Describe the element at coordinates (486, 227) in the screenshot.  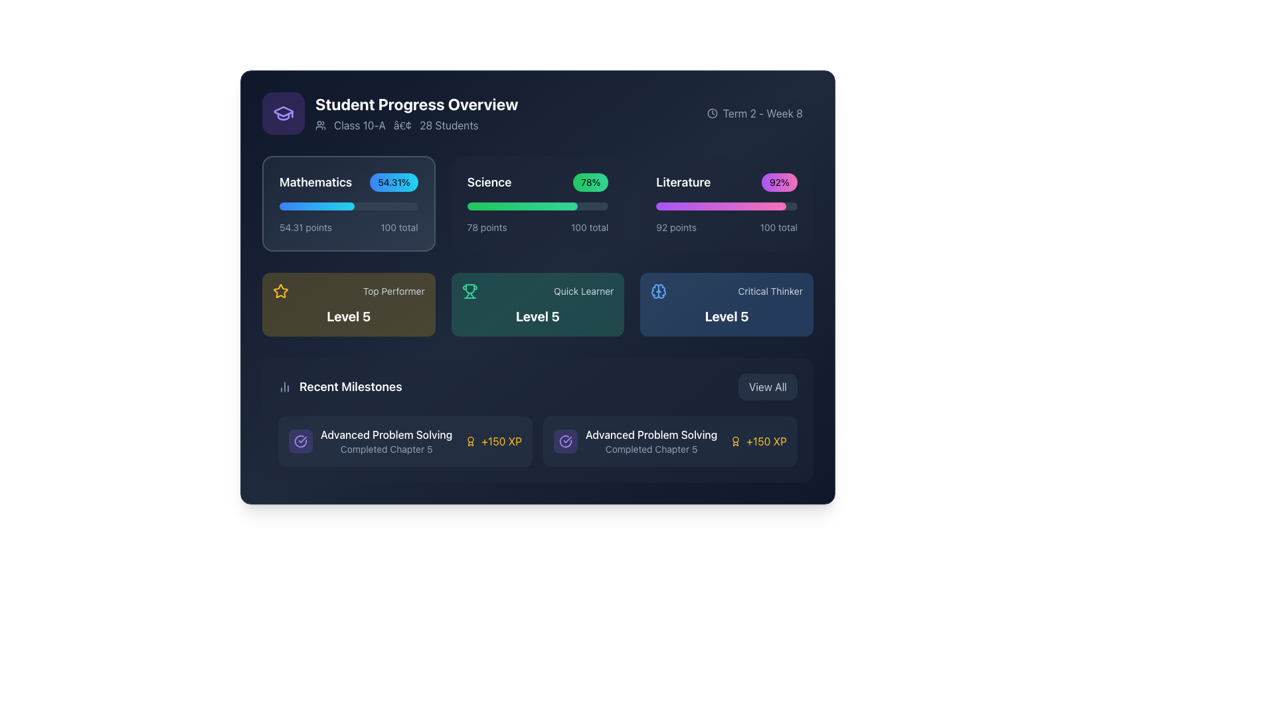
I see `the static text display showing '78 points' in light gray color, located in the 'Science' category of the 'Student Progress Overview' section` at that location.